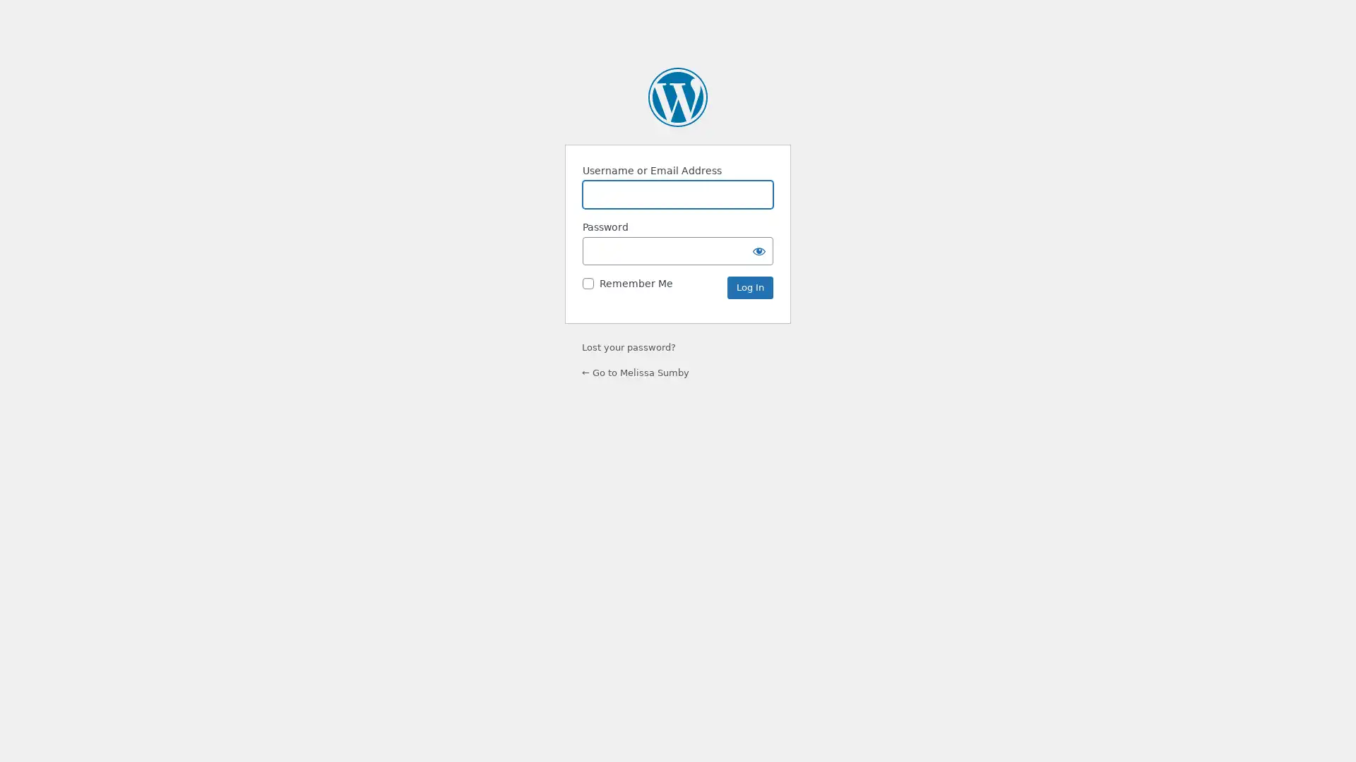 The image size is (1356, 762). Describe the element at coordinates (749, 287) in the screenshot. I see `Log In` at that location.